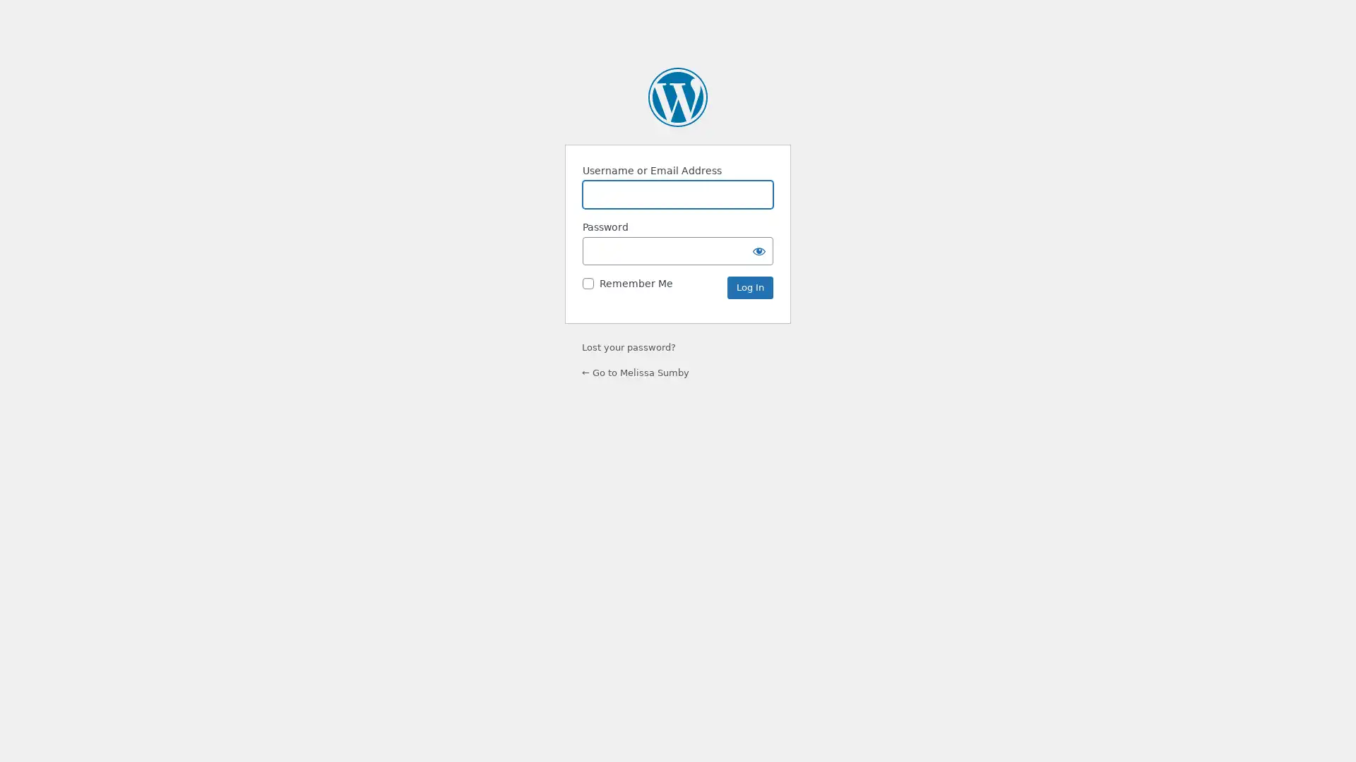 The image size is (1356, 762). Describe the element at coordinates (749, 287) in the screenshot. I see `Log In` at that location.